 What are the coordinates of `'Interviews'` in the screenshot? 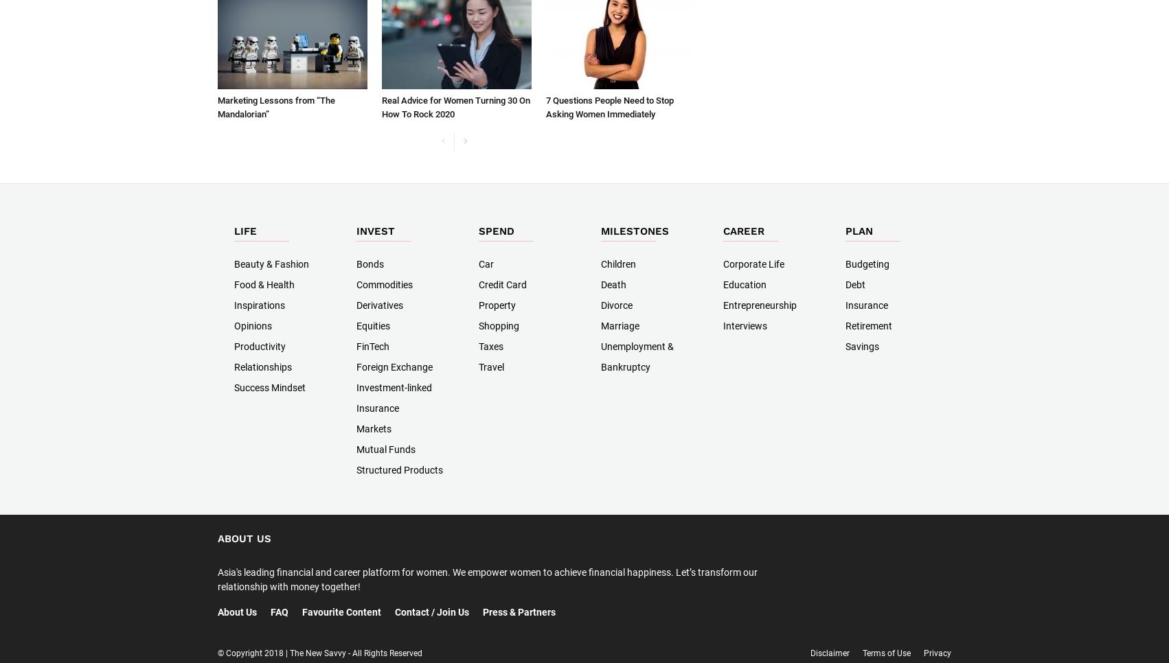 It's located at (745, 325).